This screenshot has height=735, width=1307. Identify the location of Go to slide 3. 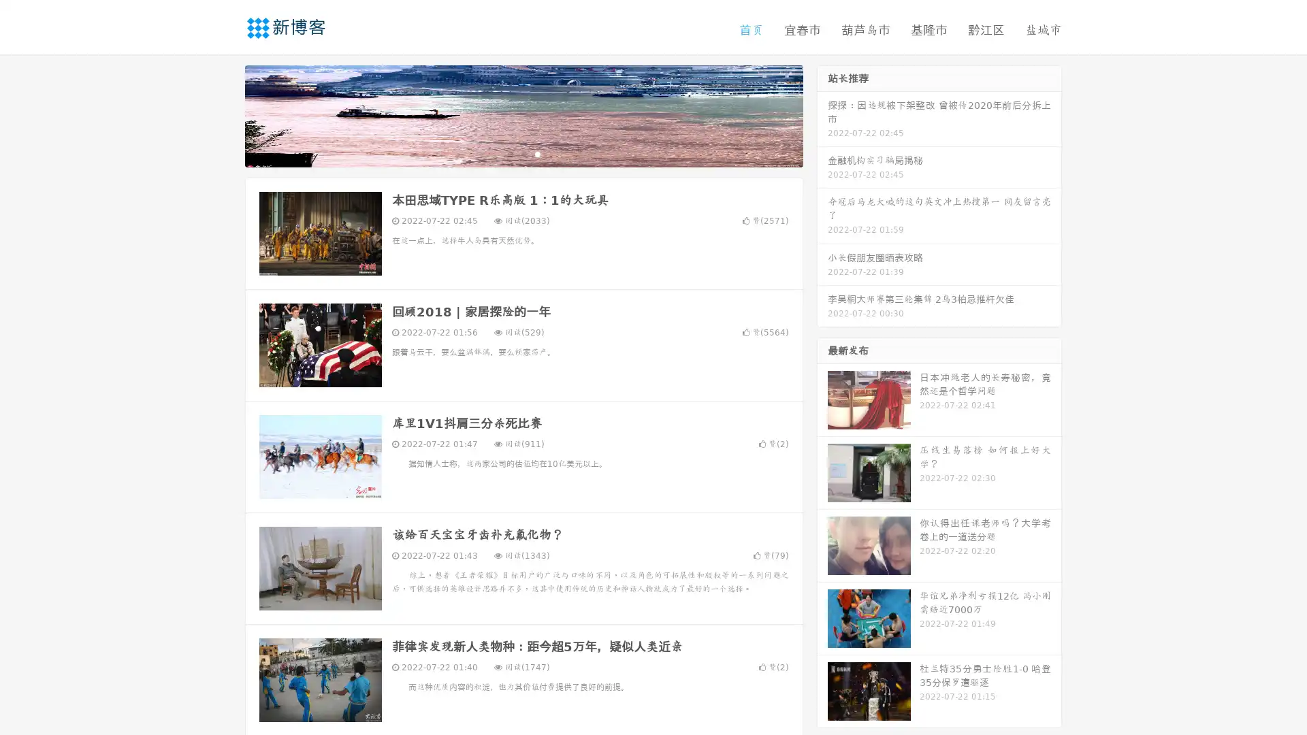
(537, 153).